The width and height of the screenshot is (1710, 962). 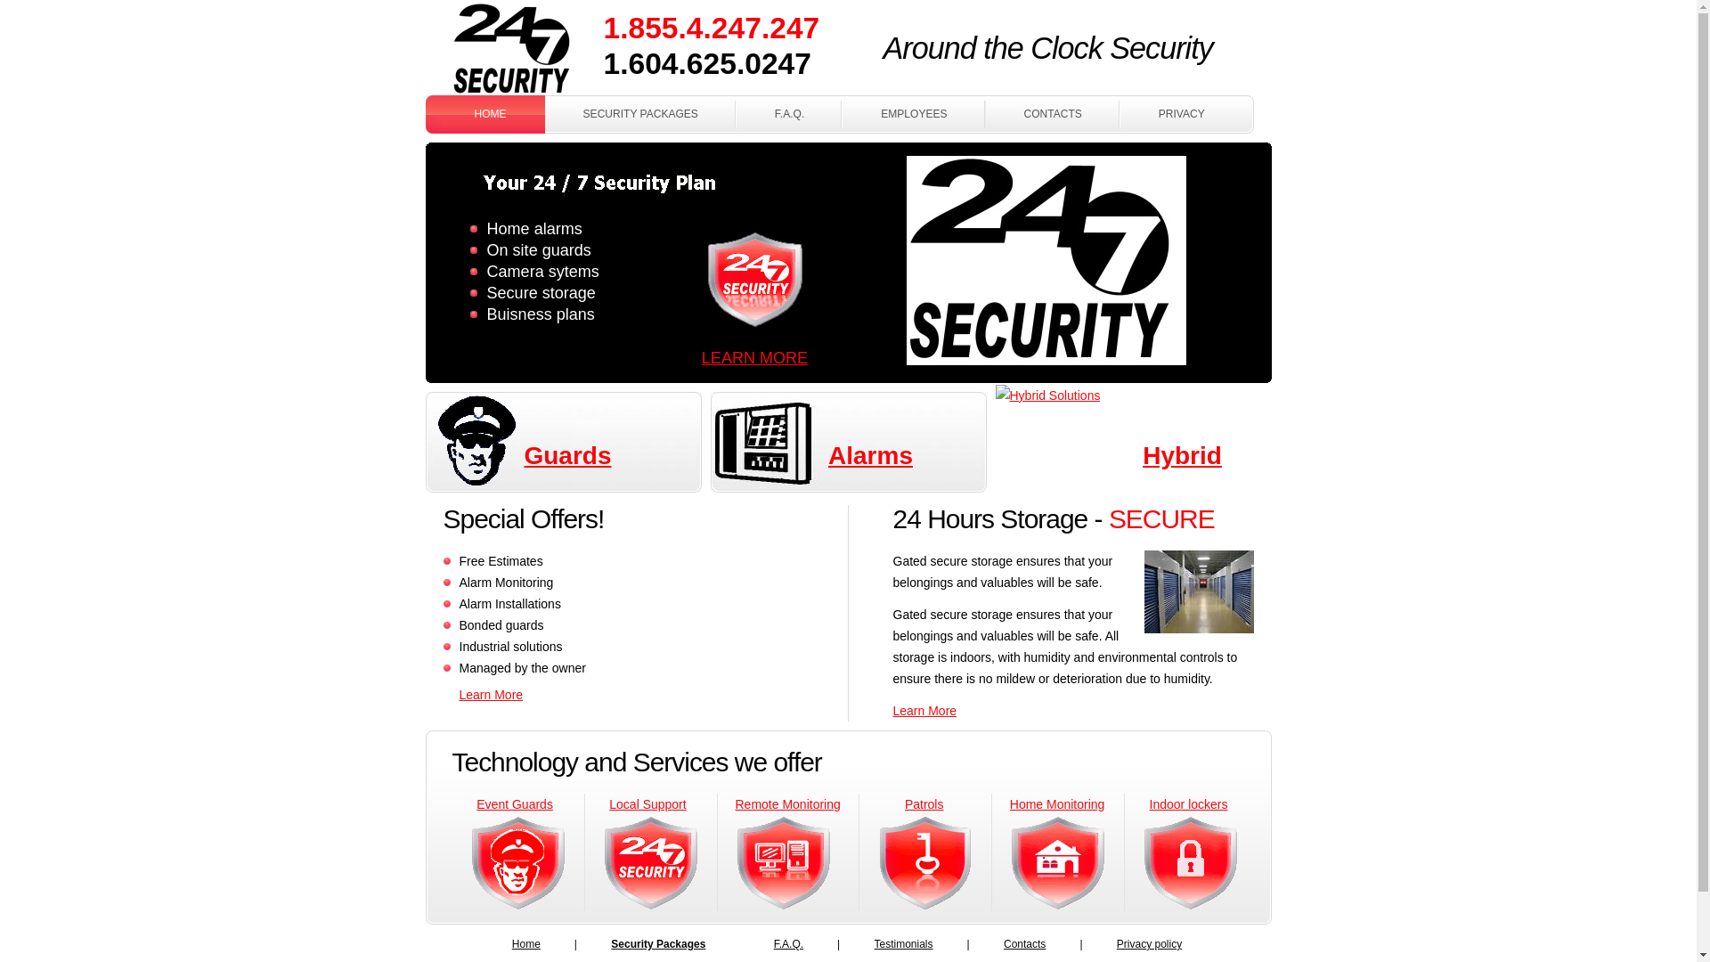 What do you see at coordinates (754, 357) in the screenshot?
I see `'LEARN MORE'` at bounding box center [754, 357].